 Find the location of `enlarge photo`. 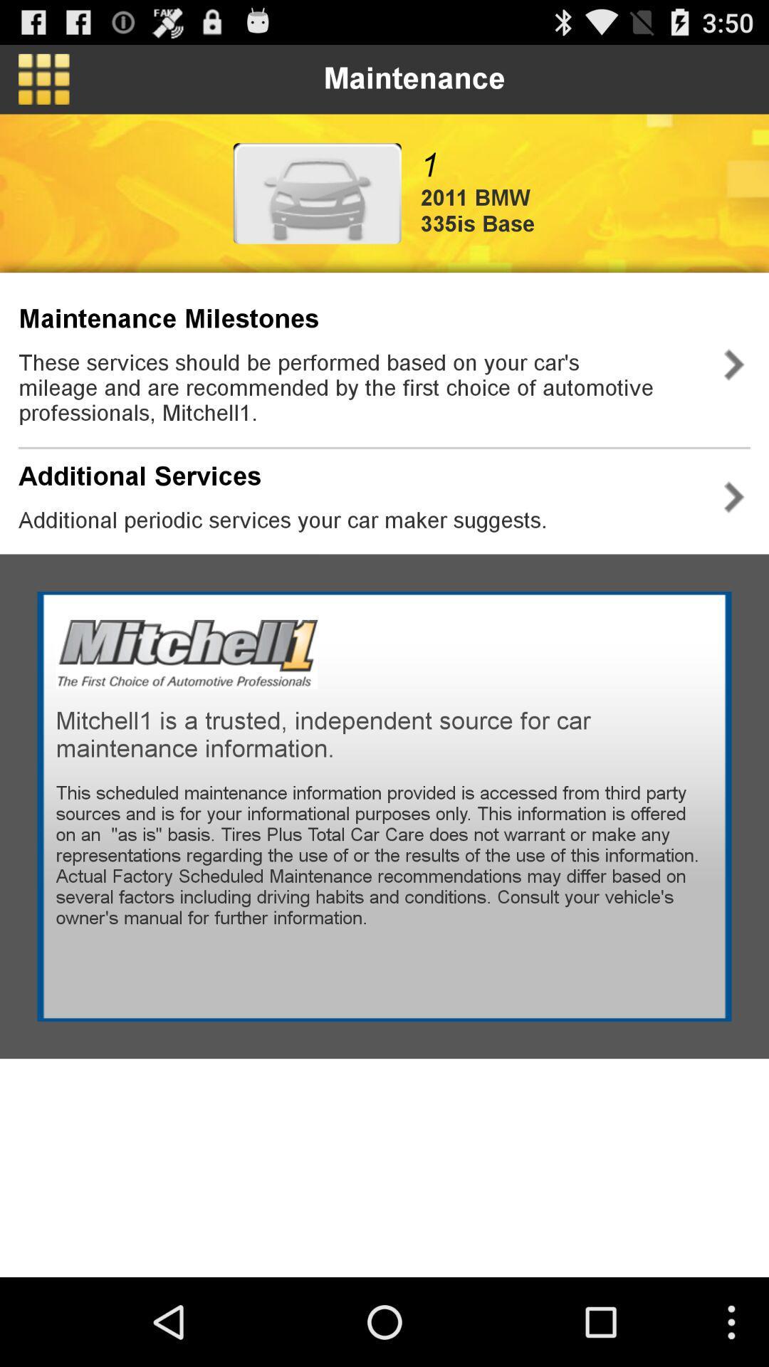

enlarge photo is located at coordinates (316, 192).